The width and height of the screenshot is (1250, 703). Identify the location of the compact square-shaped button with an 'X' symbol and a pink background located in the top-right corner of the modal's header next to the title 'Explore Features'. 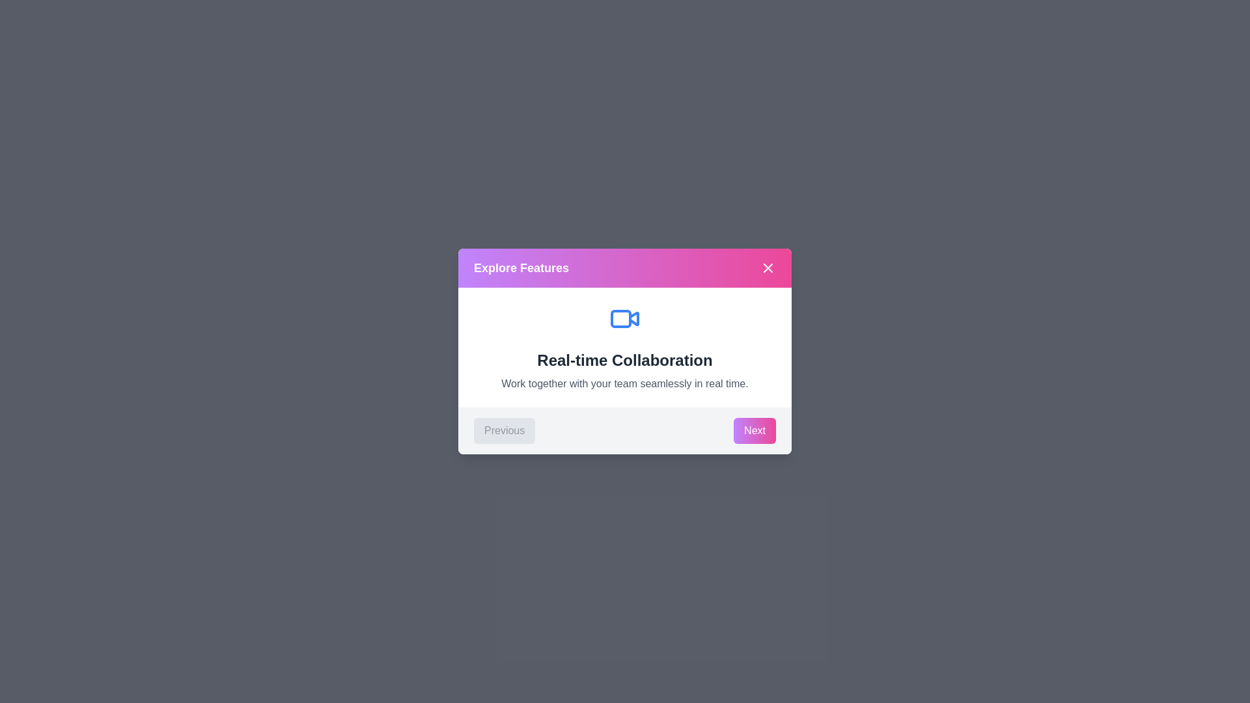
(768, 268).